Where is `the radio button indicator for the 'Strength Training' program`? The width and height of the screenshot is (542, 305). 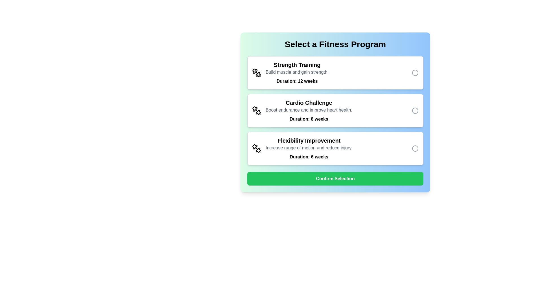 the radio button indicator for the 'Strength Training' program is located at coordinates (415, 73).